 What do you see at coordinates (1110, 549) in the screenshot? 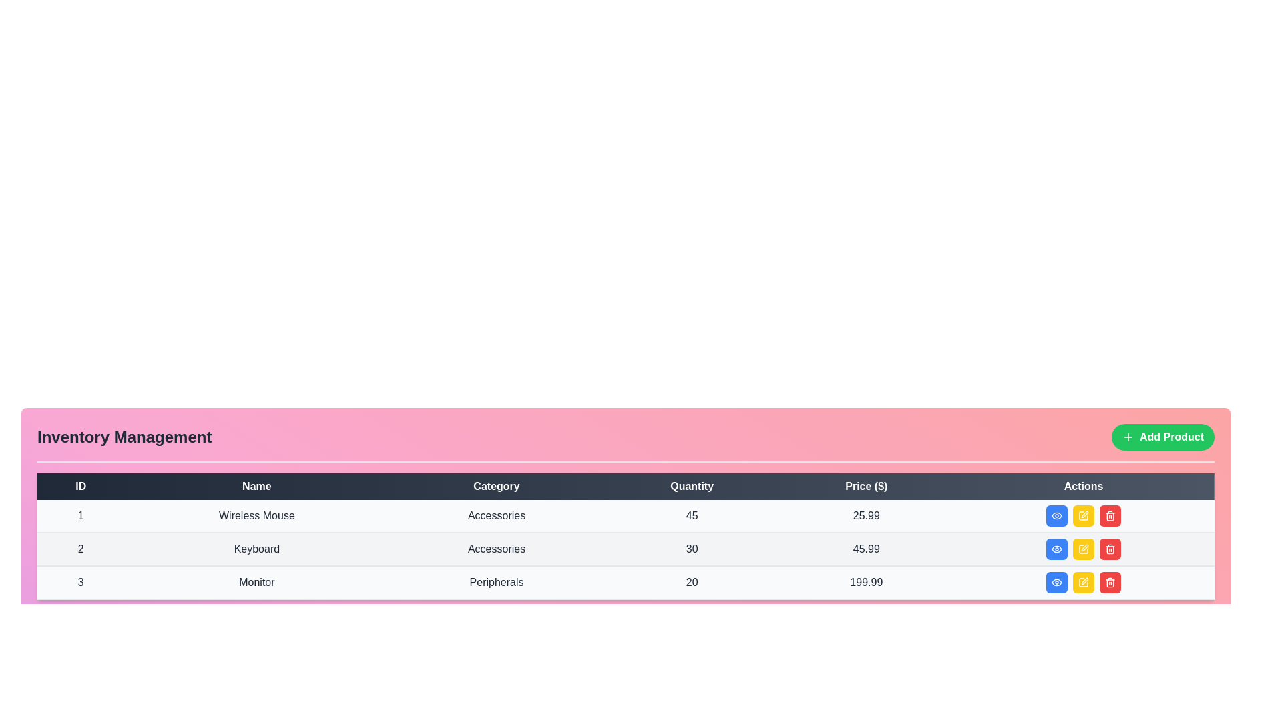
I see `the delete button located to the right of the yellow edit button in the action buttons set, aligned under the second row of the inventory table` at bounding box center [1110, 549].